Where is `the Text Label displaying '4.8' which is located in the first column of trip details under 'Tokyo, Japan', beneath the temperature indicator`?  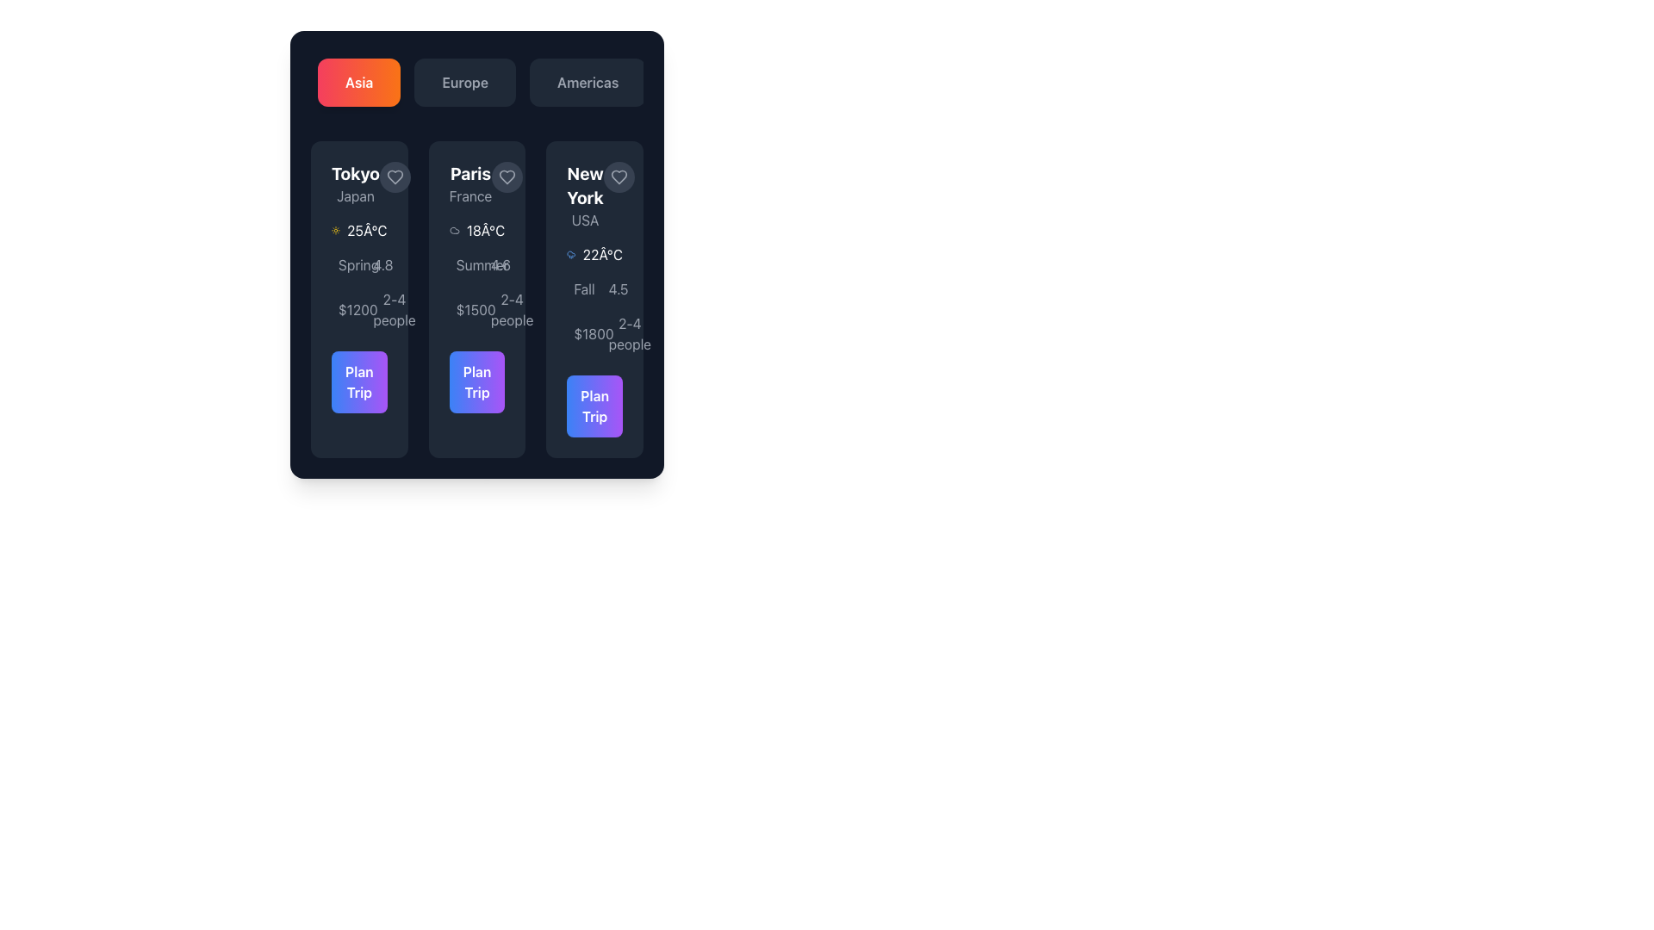
the Text Label displaying '4.8' which is located in the first column of trip details under 'Tokyo, Japan', beneath the temperature indicator is located at coordinates (382, 265).